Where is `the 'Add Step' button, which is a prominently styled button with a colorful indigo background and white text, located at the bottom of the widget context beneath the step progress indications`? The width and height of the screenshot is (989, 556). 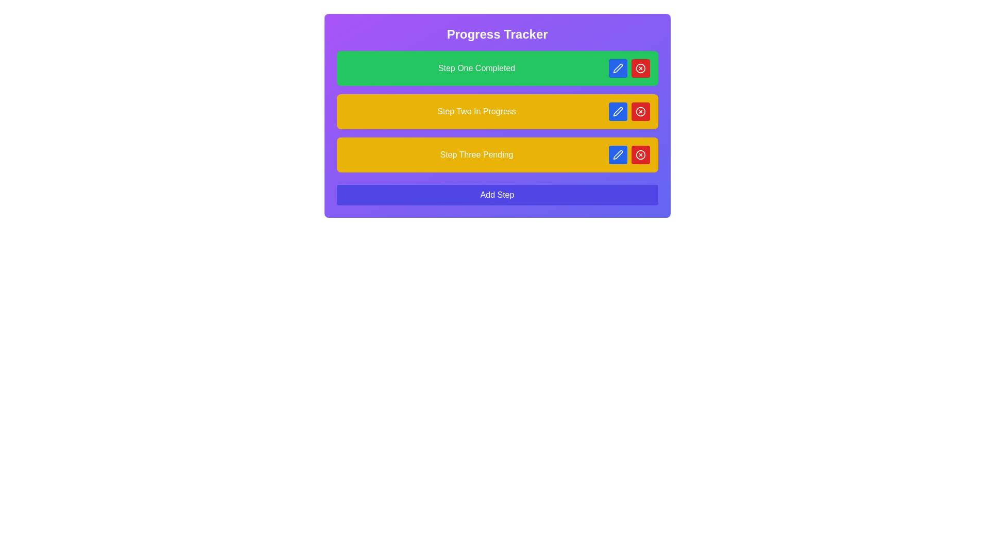
the 'Add Step' button, which is a prominently styled button with a colorful indigo background and white text, located at the bottom of the widget context beneath the step progress indications is located at coordinates (497, 195).